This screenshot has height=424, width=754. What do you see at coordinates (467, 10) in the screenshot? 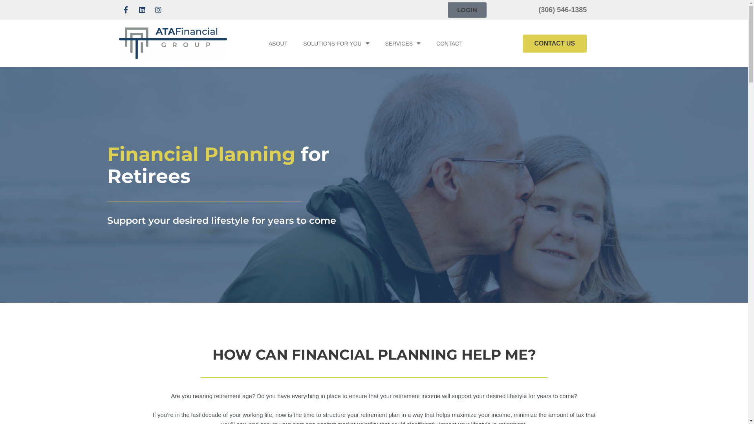
I see `'LOGIN'` at bounding box center [467, 10].